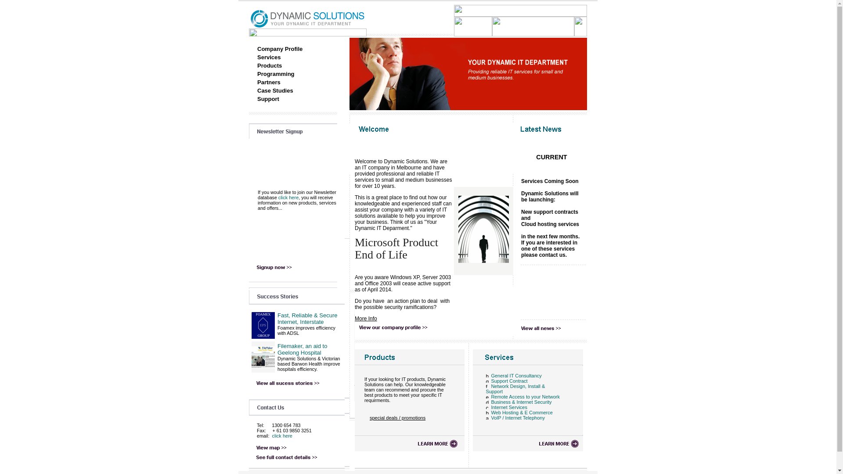  Describe the element at coordinates (302, 348) in the screenshot. I see `'Filemaker, an aid to Geelong Hospital'` at that location.